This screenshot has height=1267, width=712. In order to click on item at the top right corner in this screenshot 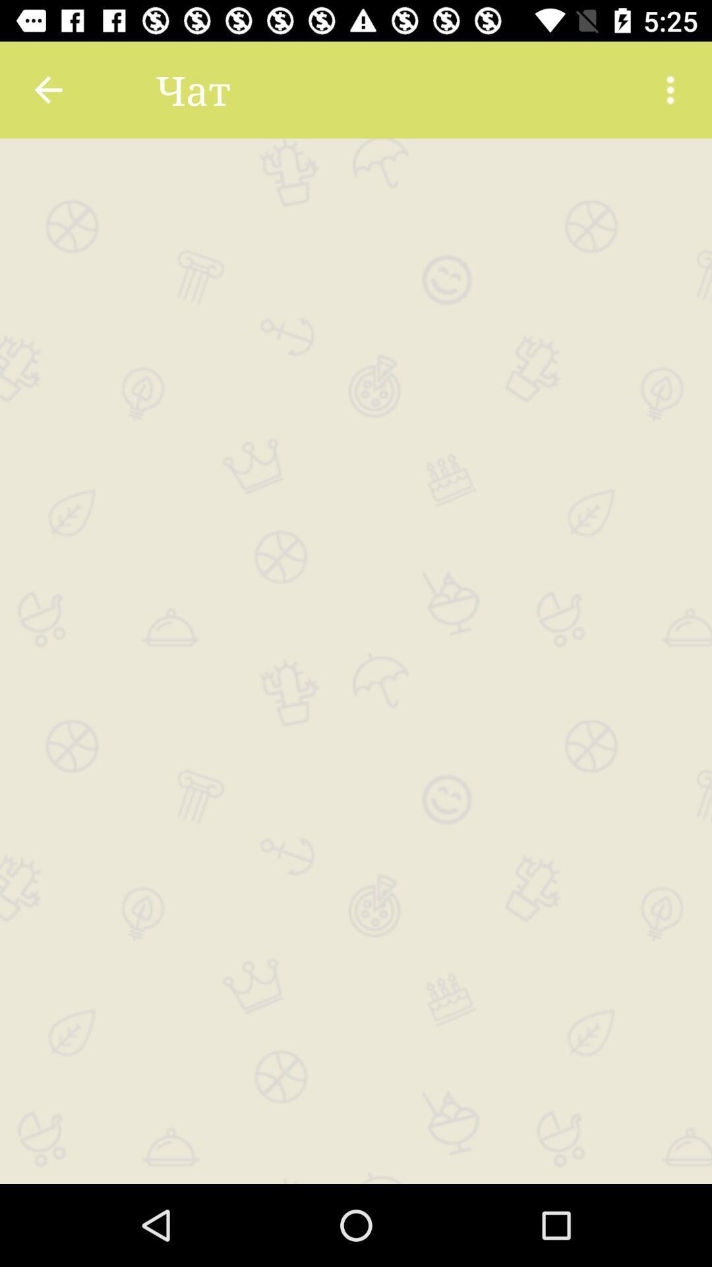, I will do `click(670, 89)`.